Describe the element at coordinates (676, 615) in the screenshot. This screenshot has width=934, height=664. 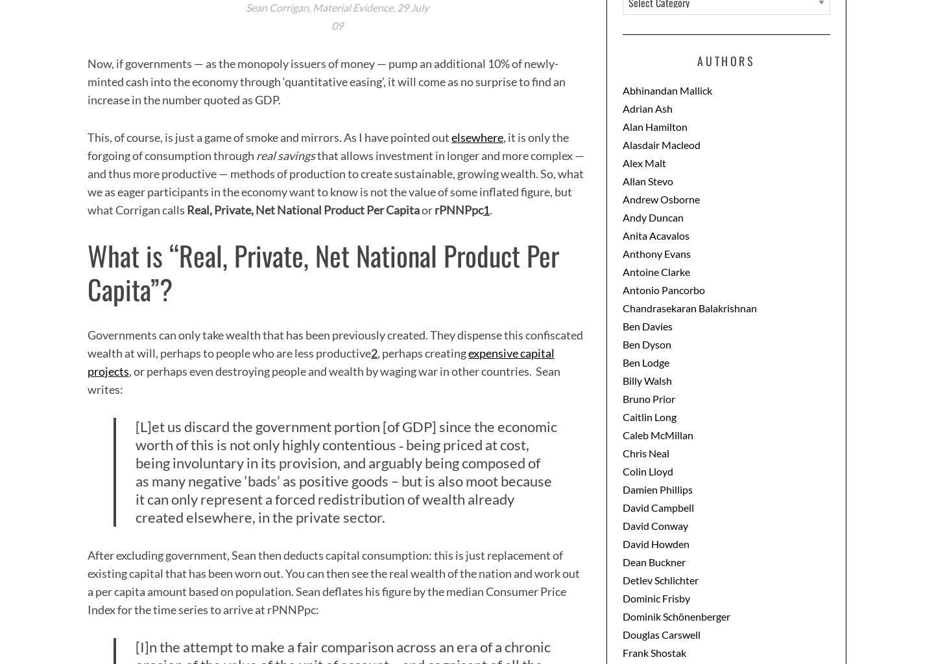
I see `'Dominik Schönenberger'` at that location.